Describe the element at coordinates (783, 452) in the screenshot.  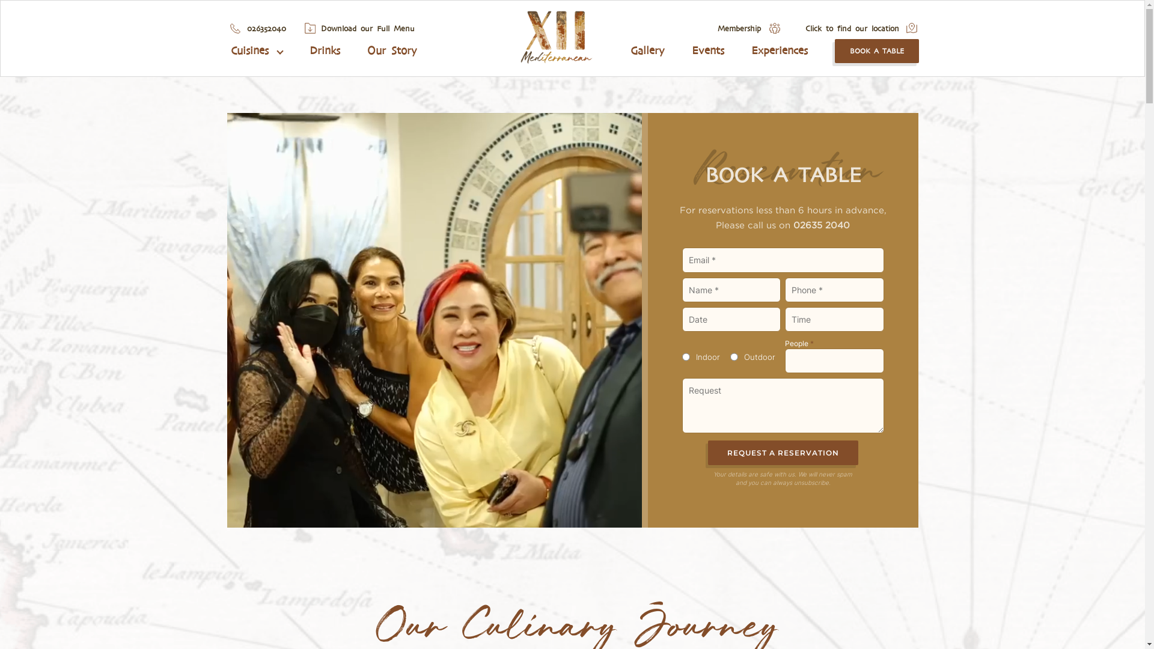
I see `'REQUEST A RESERVATION'` at that location.